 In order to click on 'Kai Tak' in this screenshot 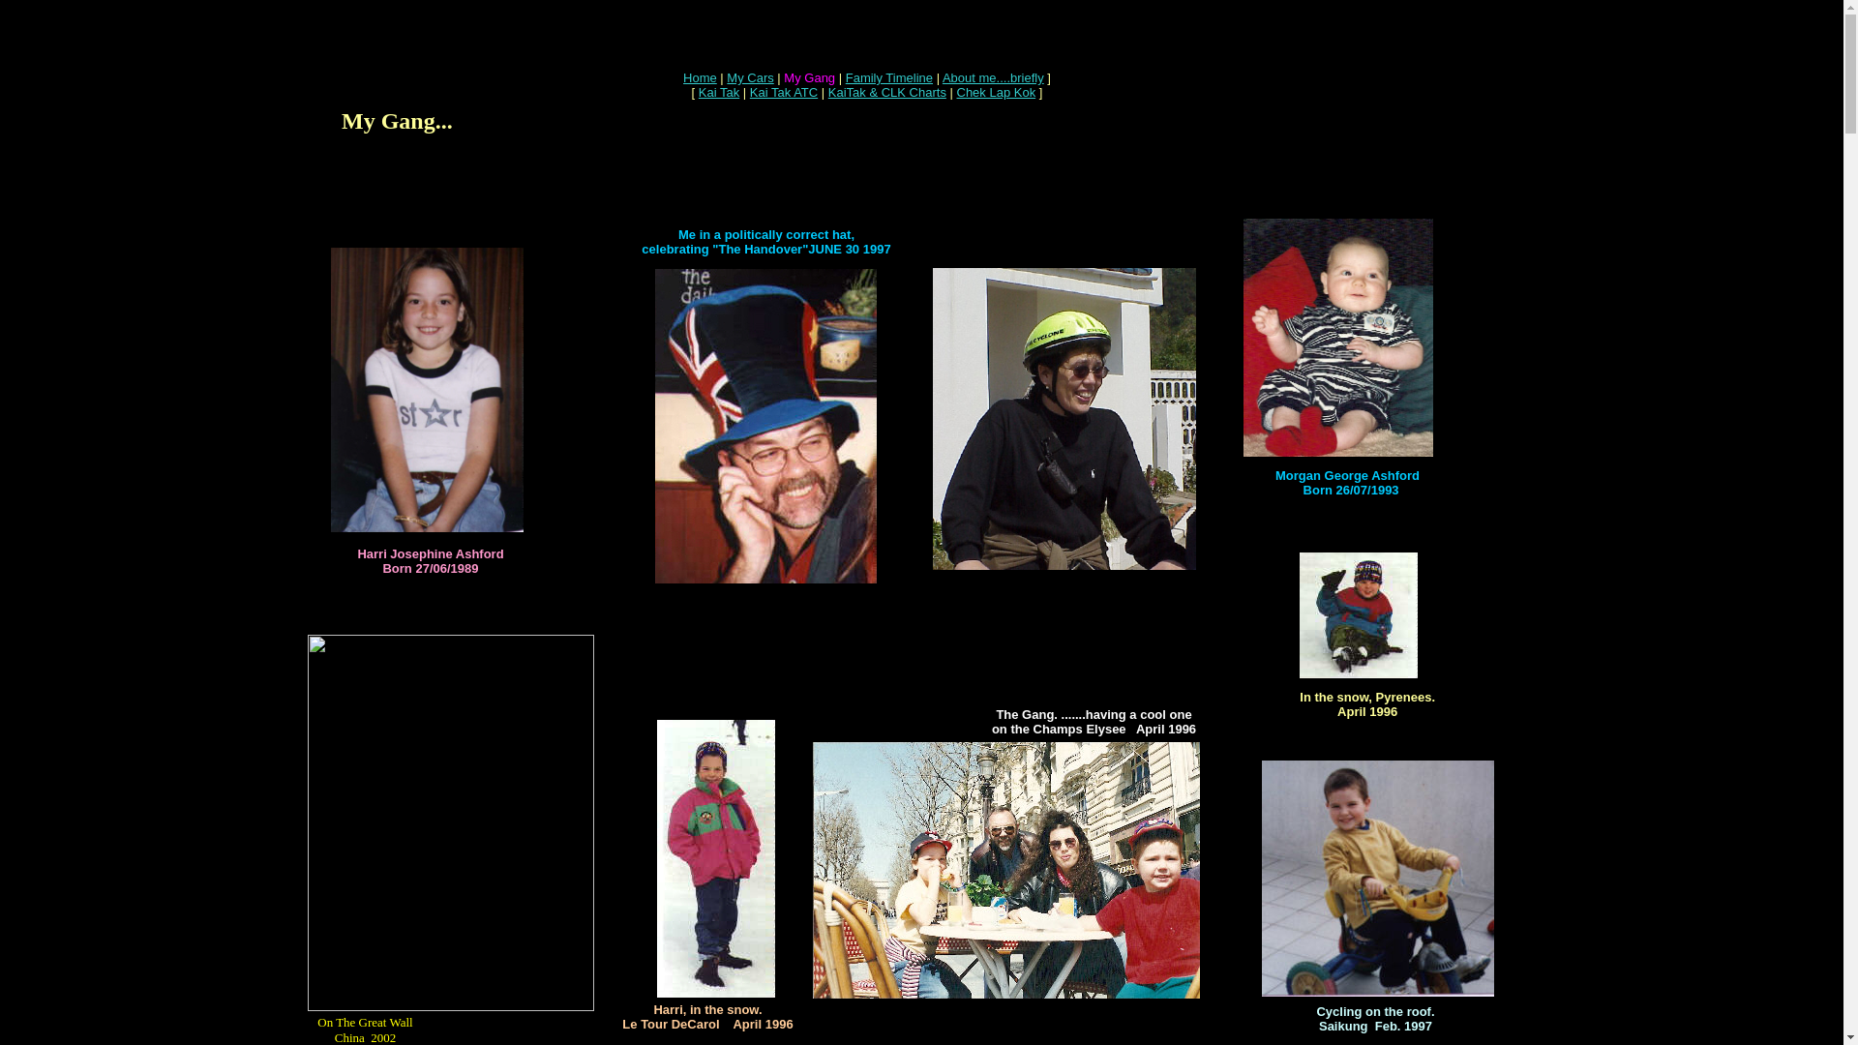, I will do `click(718, 92)`.